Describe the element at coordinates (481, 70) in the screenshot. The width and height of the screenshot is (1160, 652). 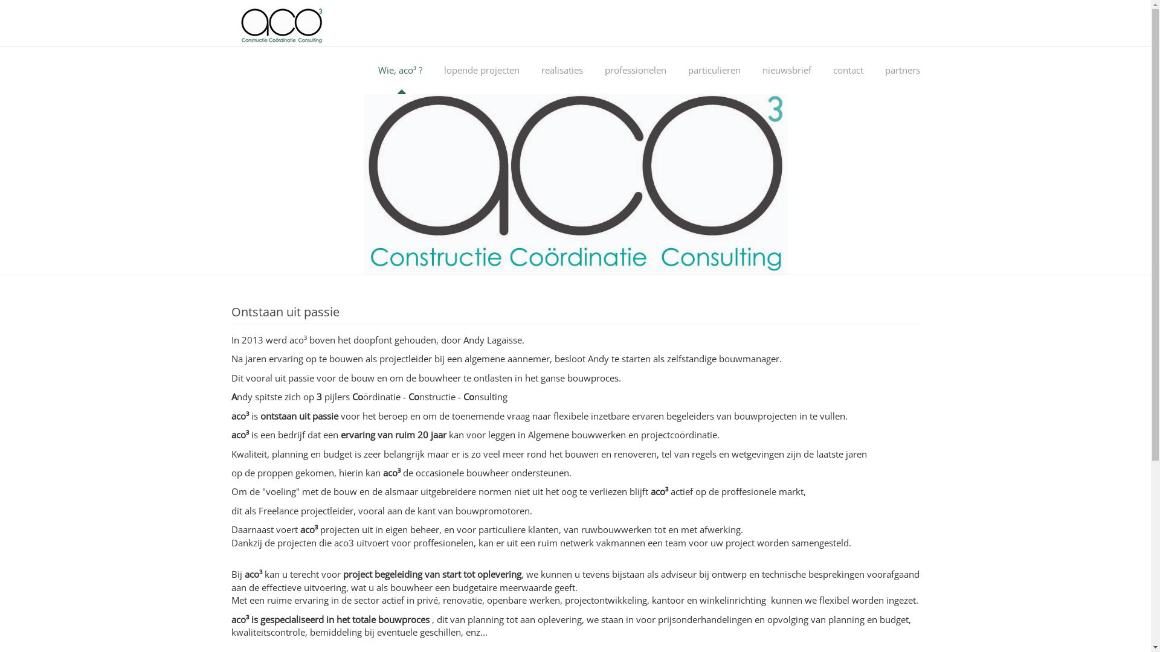
I see `'lopende projecten'` at that location.